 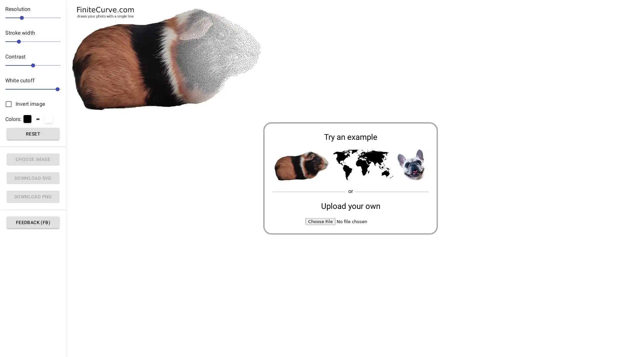 I want to click on Around the world, around the world, around the world, around the world - Daft Punk, so click(x=362, y=165).